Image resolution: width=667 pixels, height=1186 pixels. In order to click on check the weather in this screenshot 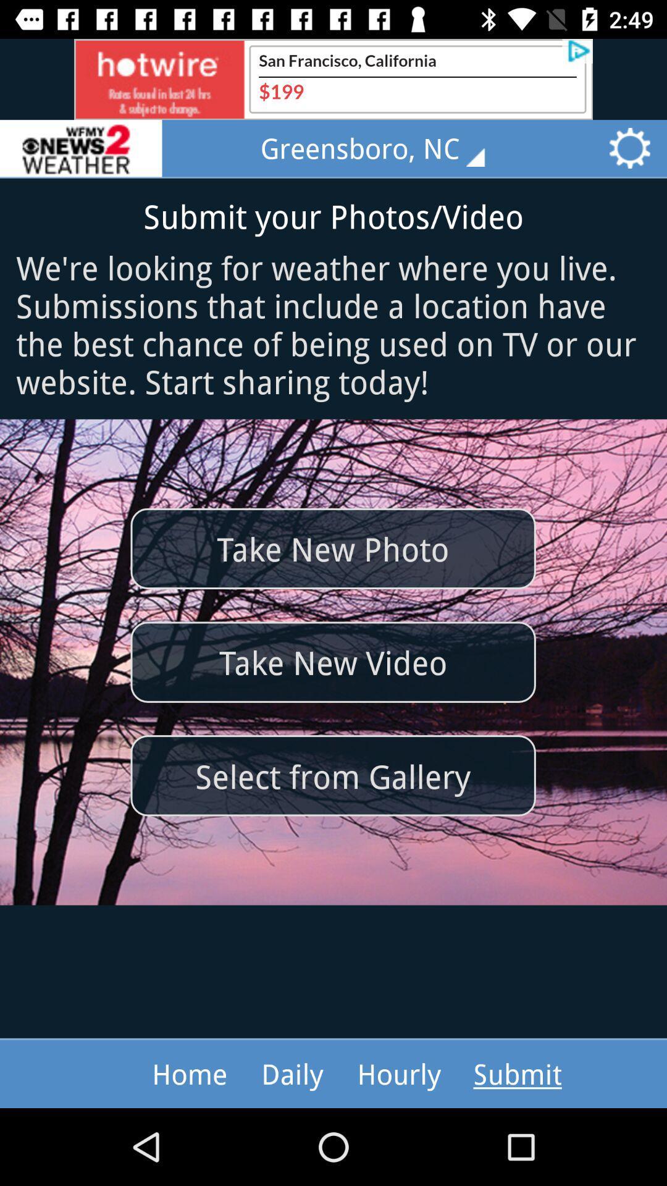, I will do `click(81, 148)`.